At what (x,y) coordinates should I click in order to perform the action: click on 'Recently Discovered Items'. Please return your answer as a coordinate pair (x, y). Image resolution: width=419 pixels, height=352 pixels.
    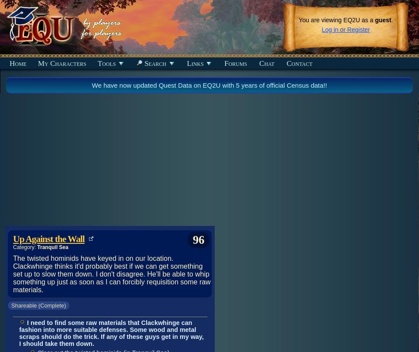
    Looking at the image, I should click on (6, 85).